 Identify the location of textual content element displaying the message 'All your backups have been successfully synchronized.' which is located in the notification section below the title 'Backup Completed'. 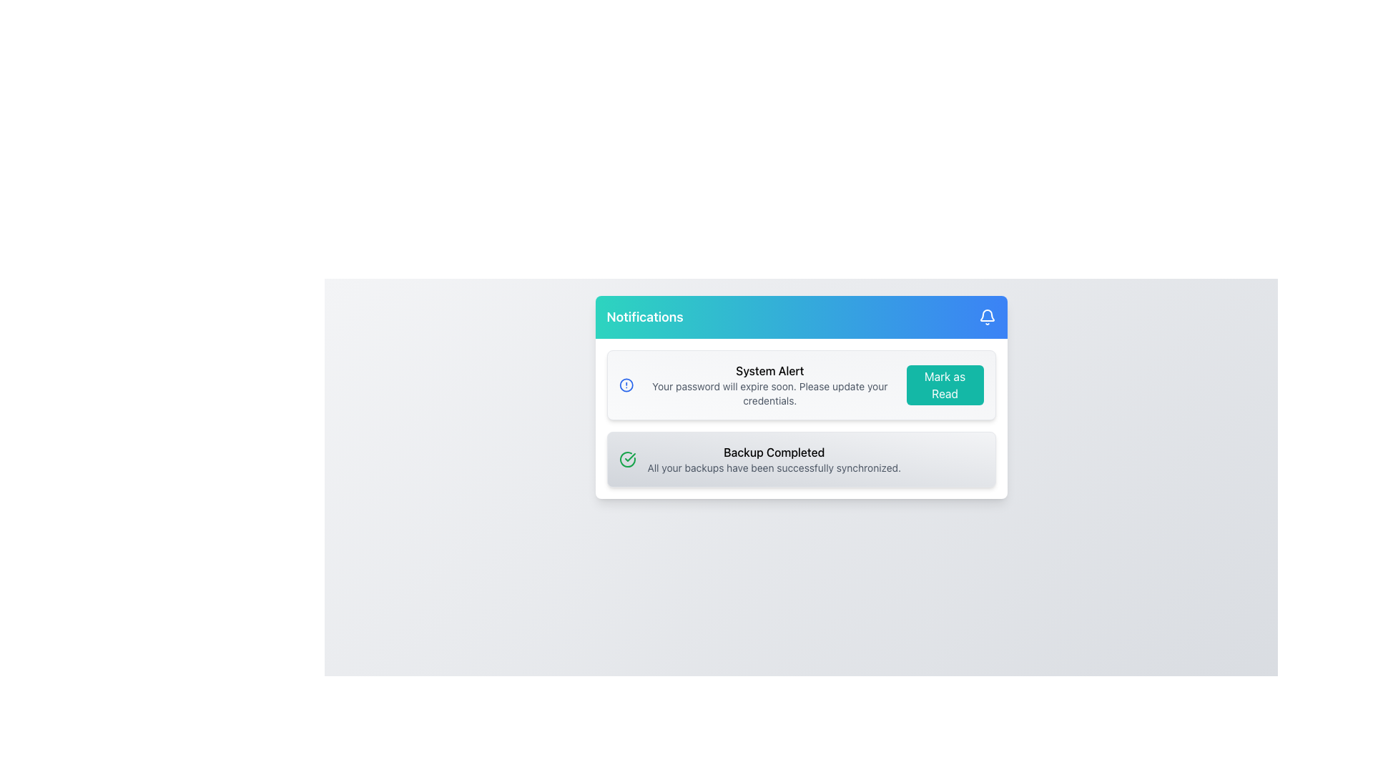
(773, 468).